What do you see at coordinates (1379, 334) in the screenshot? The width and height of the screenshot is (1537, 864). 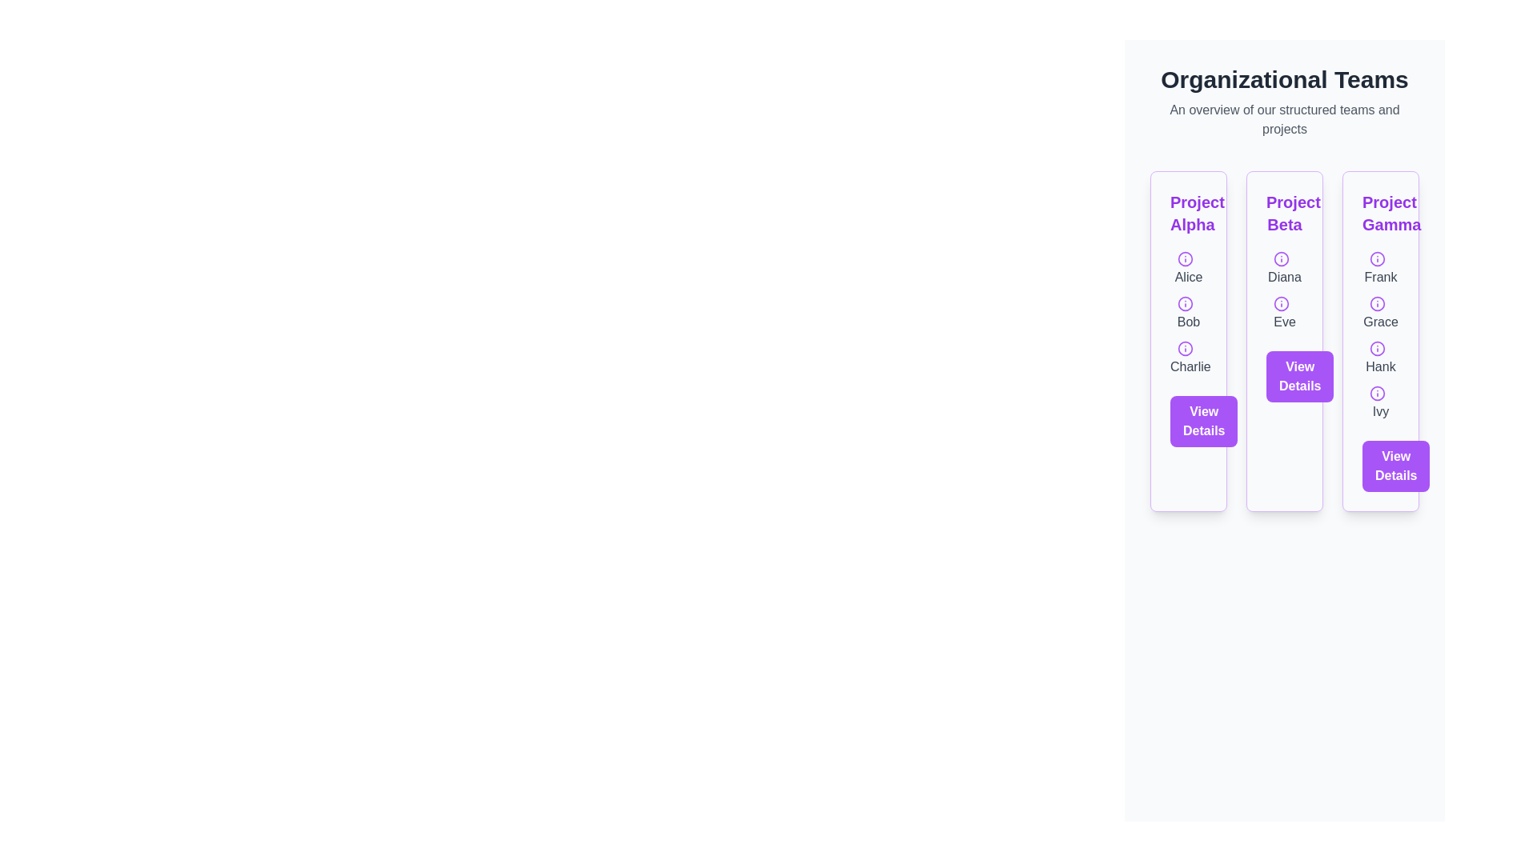 I see `the list of names associated with 'Project Gamma'` at bounding box center [1379, 334].